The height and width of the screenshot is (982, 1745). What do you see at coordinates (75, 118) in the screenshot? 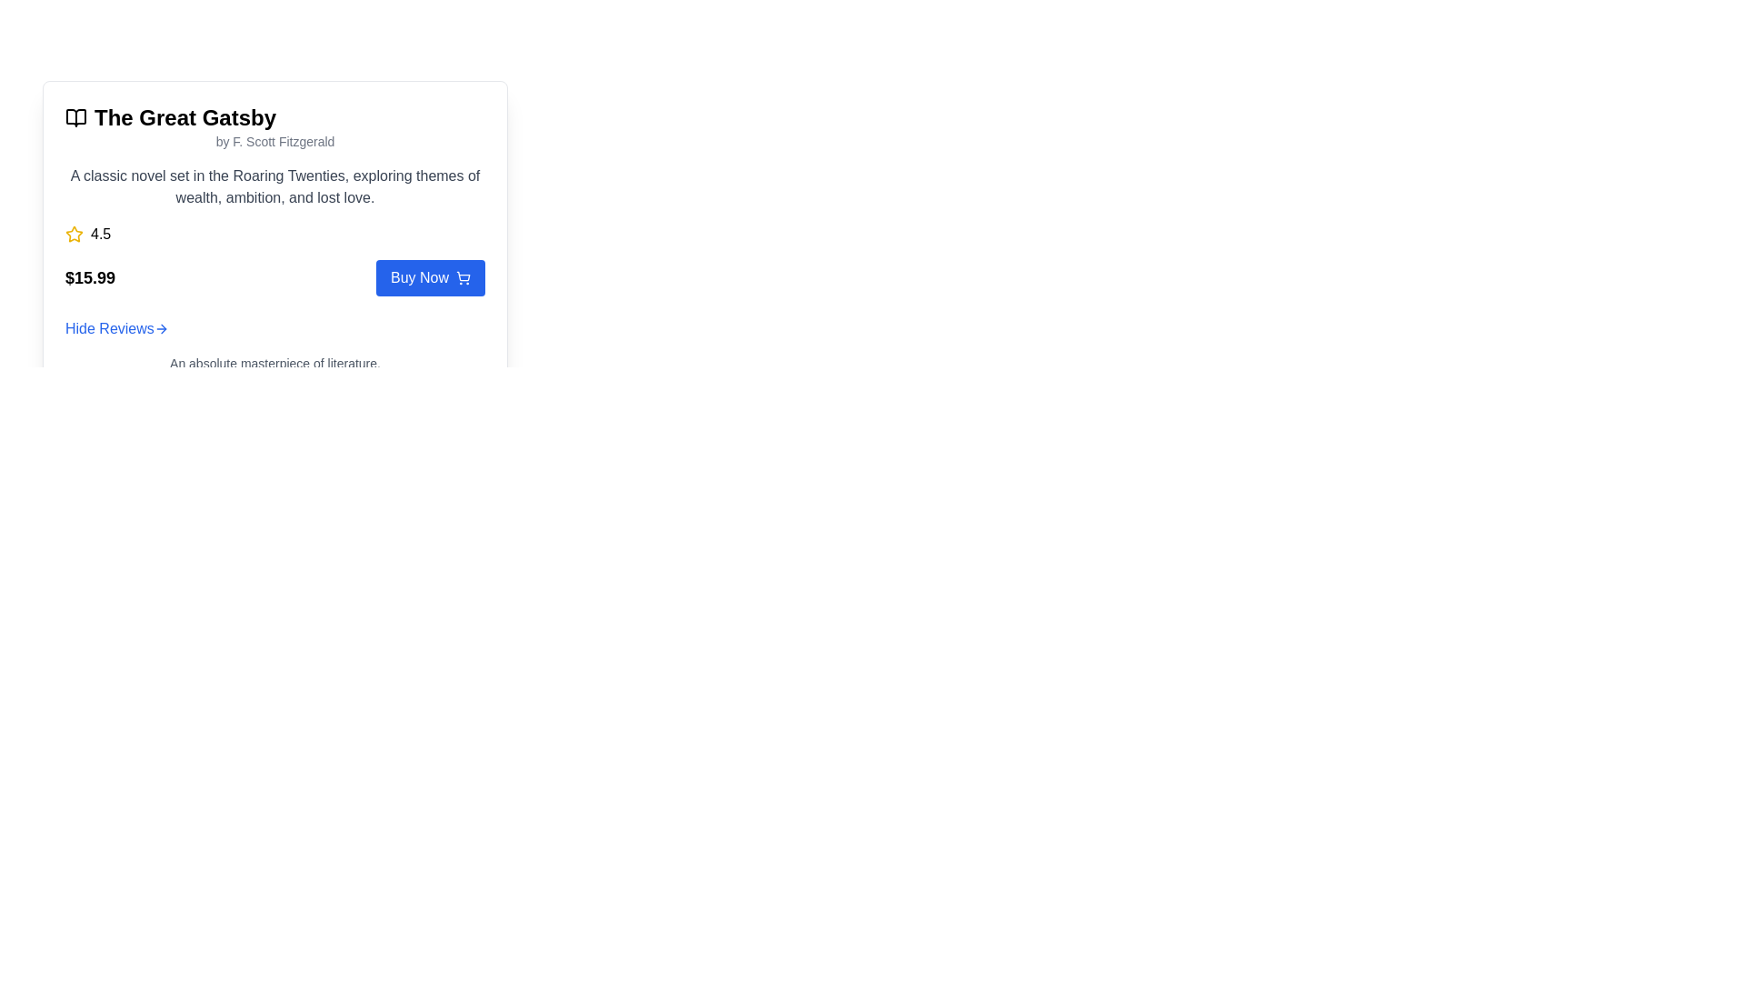
I see `the book icon located next to the title 'The Great Gatsby', which features a clean and minimalistic open book design` at bounding box center [75, 118].